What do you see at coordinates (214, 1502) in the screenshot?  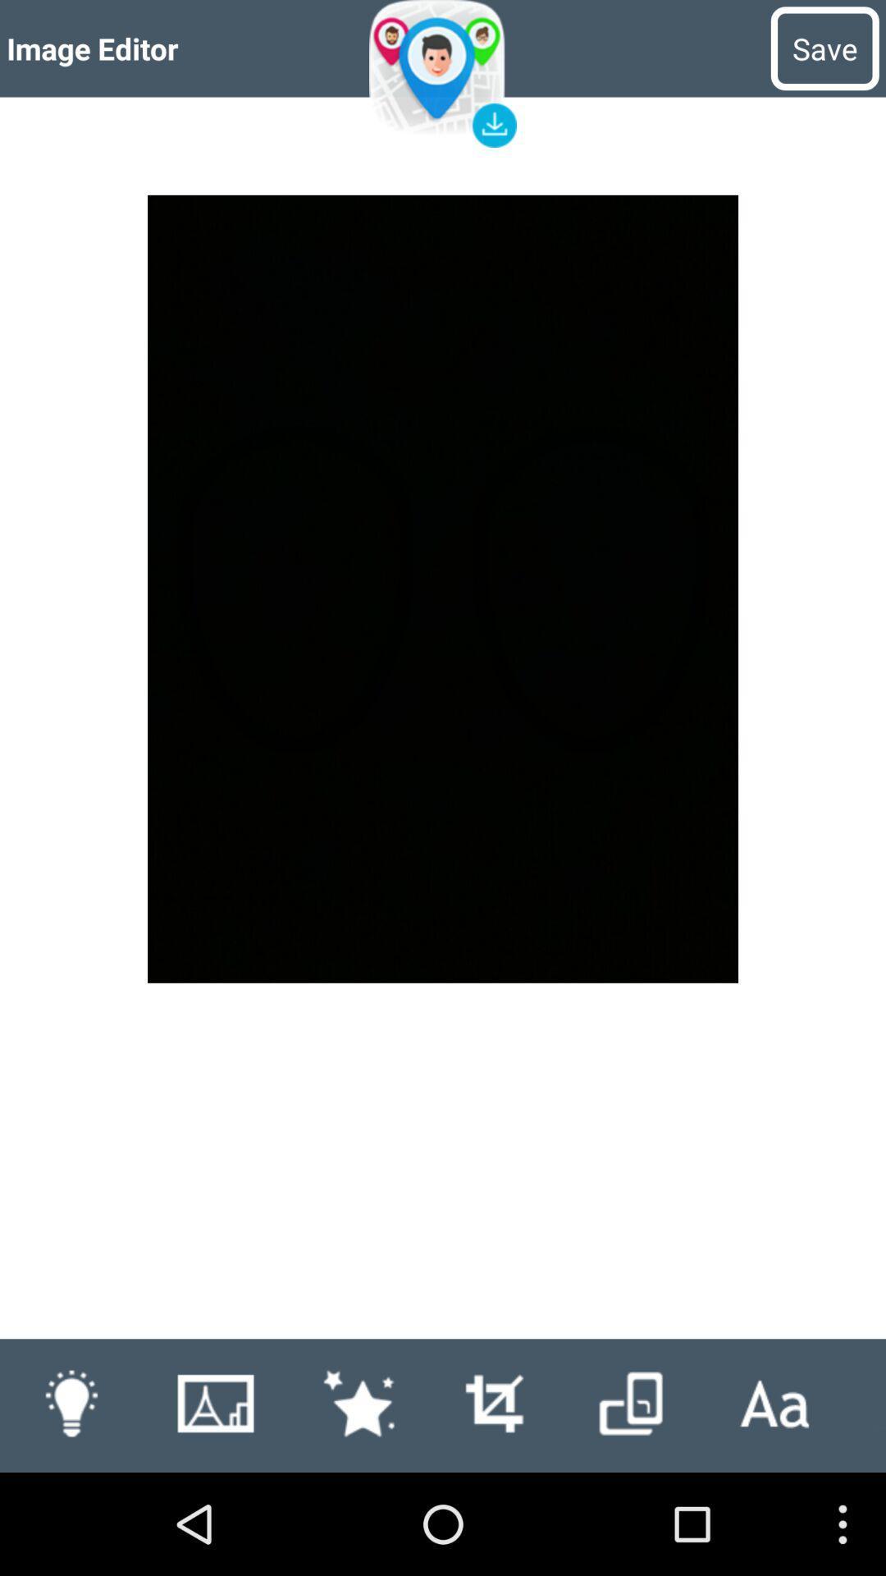 I see `the wallpaper icon` at bounding box center [214, 1502].